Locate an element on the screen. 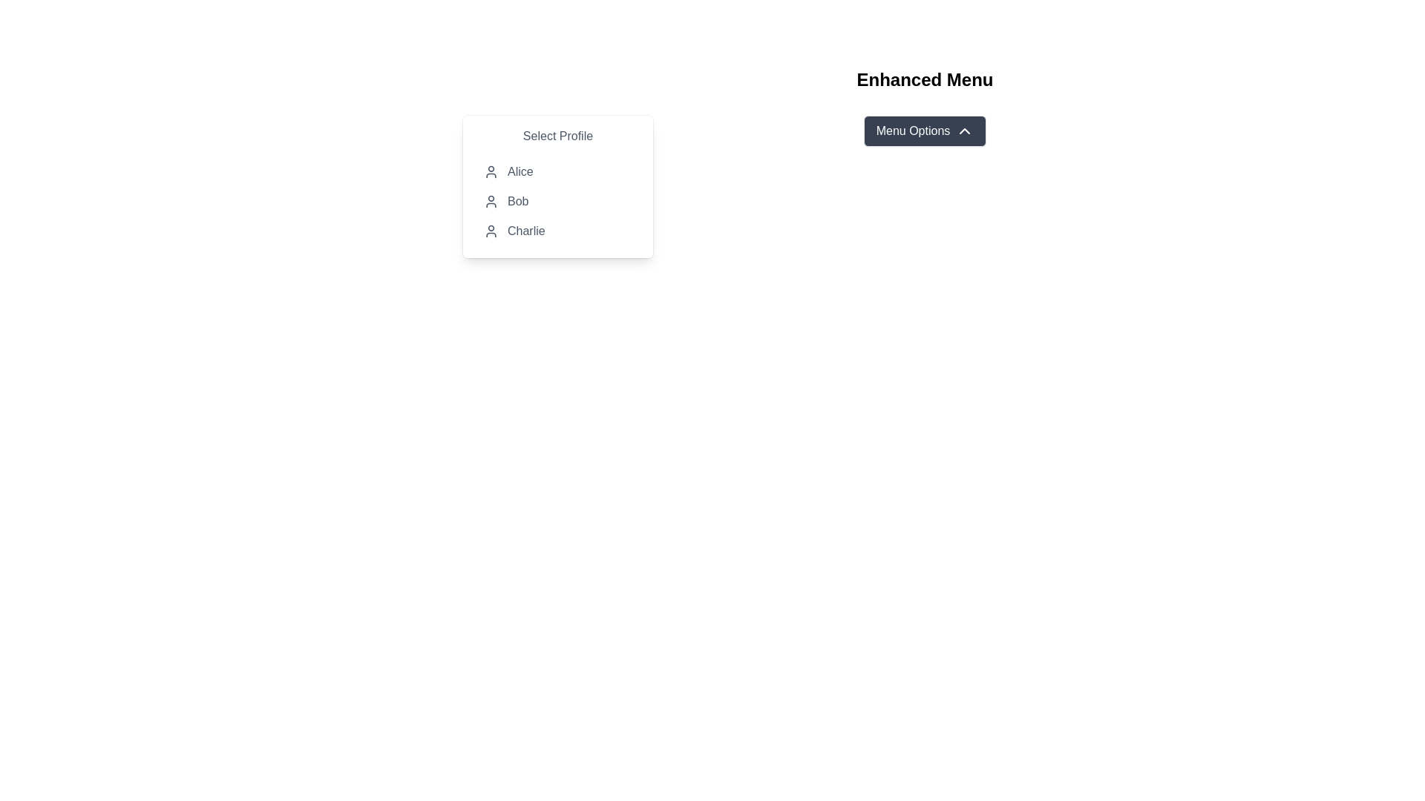 This screenshot has height=801, width=1425. the MenuItem labeled 'Bob' in the dropdown menu titled 'Select Profile' is located at coordinates (557, 202).